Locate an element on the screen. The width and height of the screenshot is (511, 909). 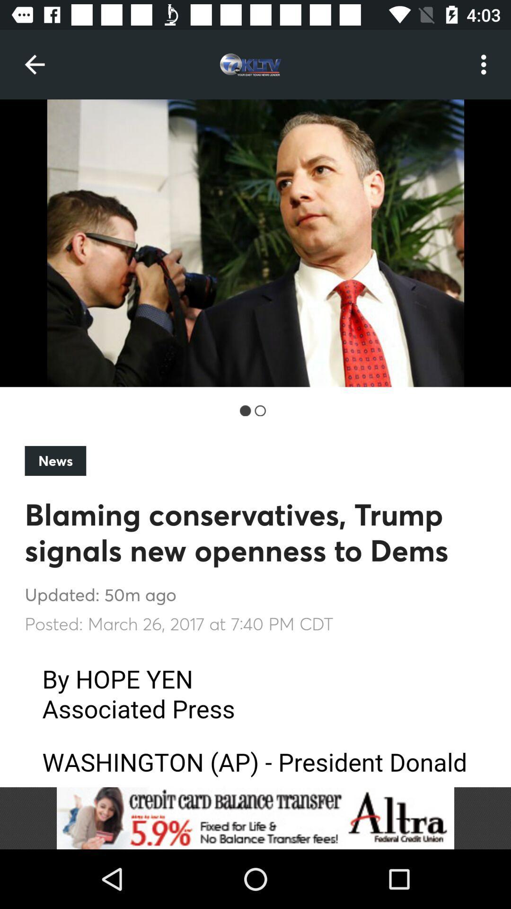
this is an advertisement is located at coordinates (255, 818).